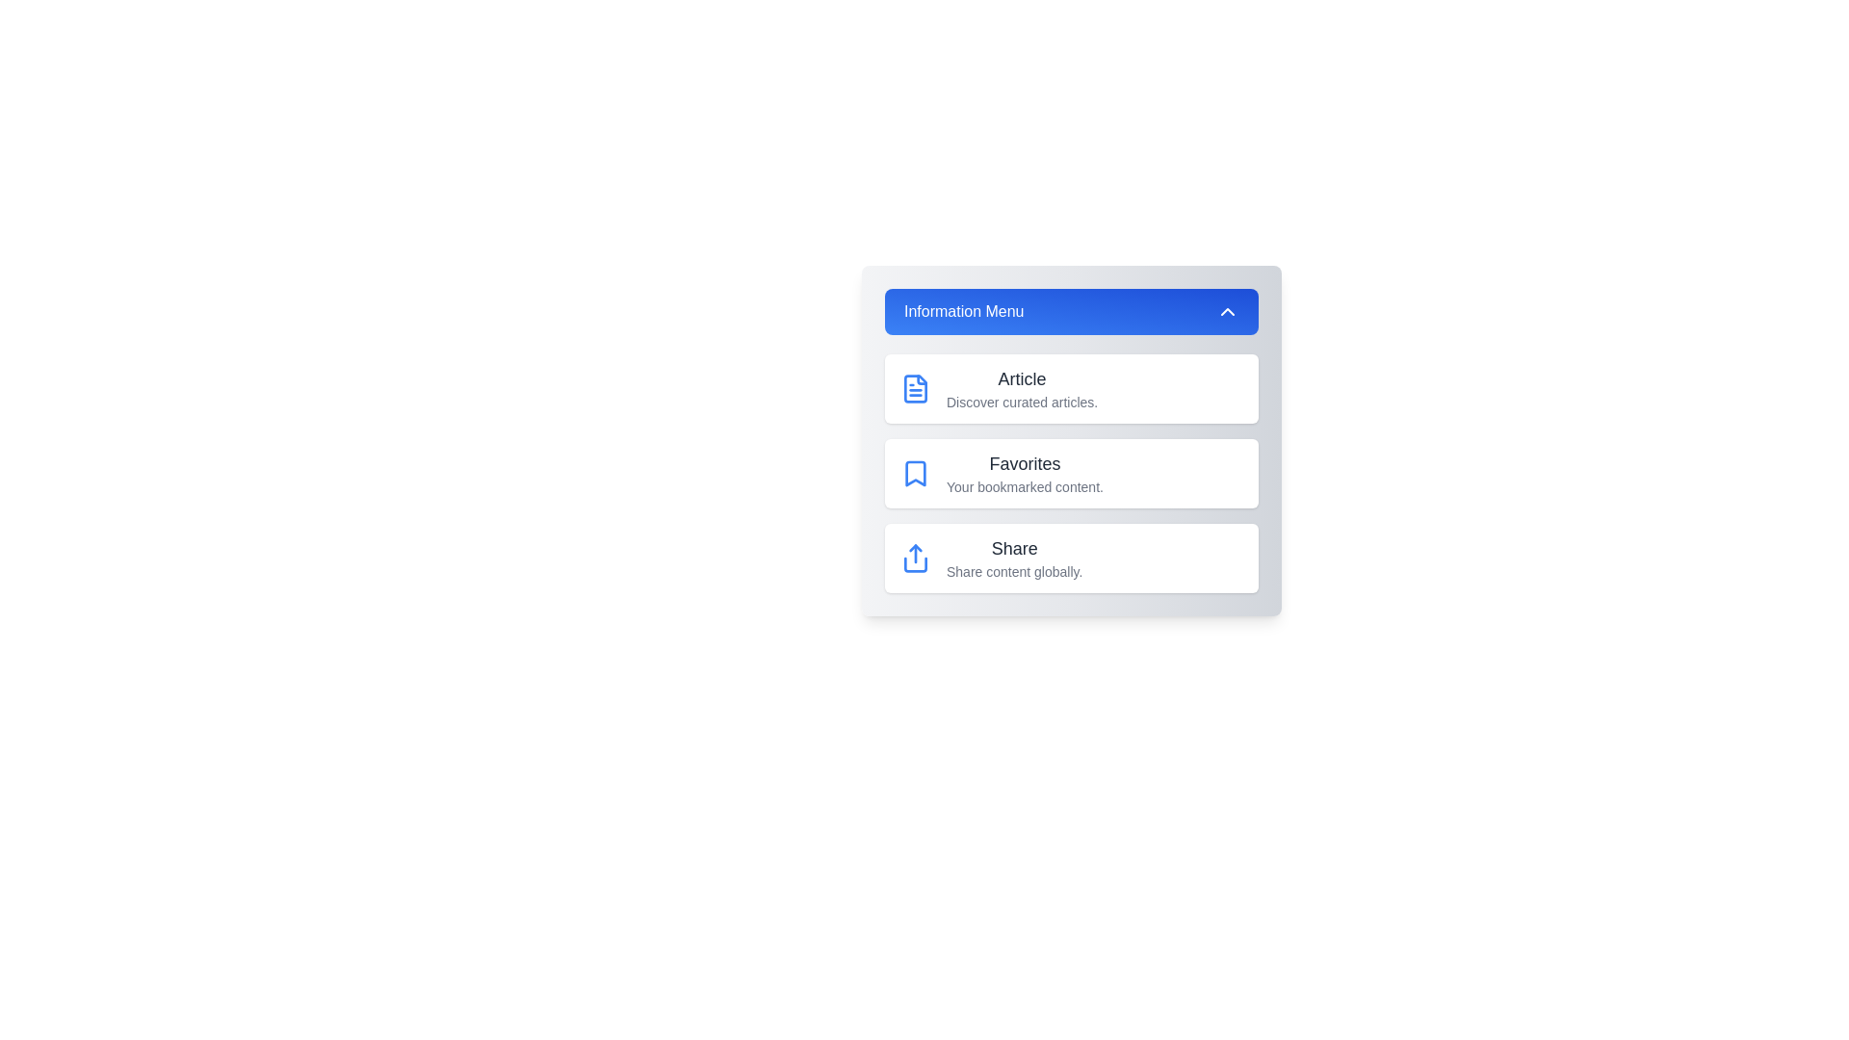 The width and height of the screenshot is (1849, 1040). Describe the element at coordinates (914, 474) in the screenshot. I see `the menu item corresponding to Favorites by clicking on its icon` at that location.